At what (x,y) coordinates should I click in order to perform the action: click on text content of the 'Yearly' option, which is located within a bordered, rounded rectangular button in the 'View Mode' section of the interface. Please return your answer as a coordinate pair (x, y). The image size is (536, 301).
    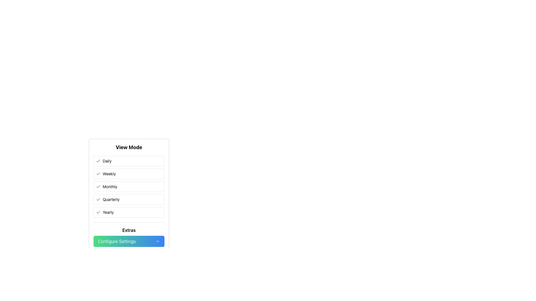
    Looking at the image, I should click on (108, 212).